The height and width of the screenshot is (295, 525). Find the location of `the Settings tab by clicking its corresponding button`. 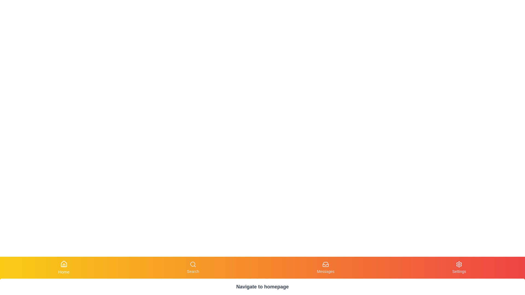

the Settings tab by clicking its corresponding button is located at coordinates (459, 267).